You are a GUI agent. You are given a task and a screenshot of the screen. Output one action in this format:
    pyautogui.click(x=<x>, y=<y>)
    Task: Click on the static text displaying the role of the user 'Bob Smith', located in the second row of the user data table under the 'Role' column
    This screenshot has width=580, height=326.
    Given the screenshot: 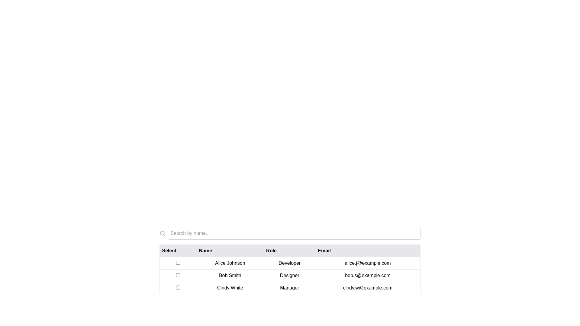 What is the action you would take?
    pyautogui.click(x=289, y=276)
    